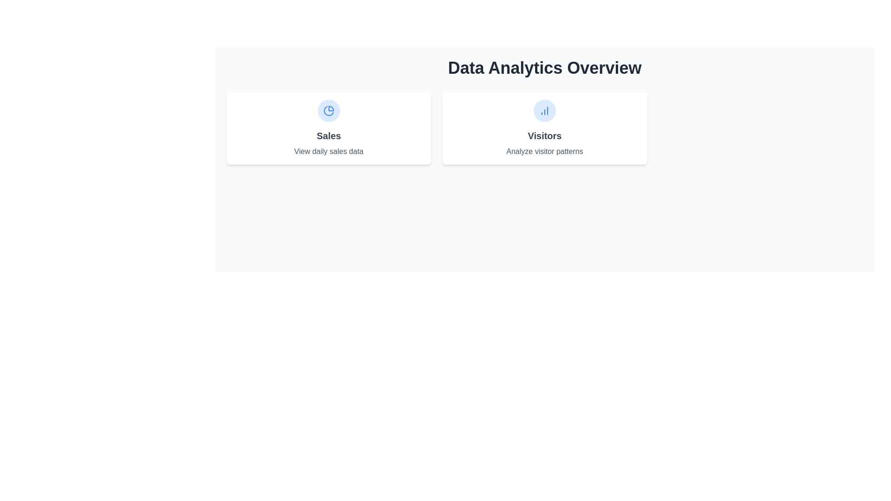 This screenshot has height=501, width=891. I want to click on the Information card located in the first column of the grid layout, positioned to the left of the 'Visitors' element, so click(329, 128).